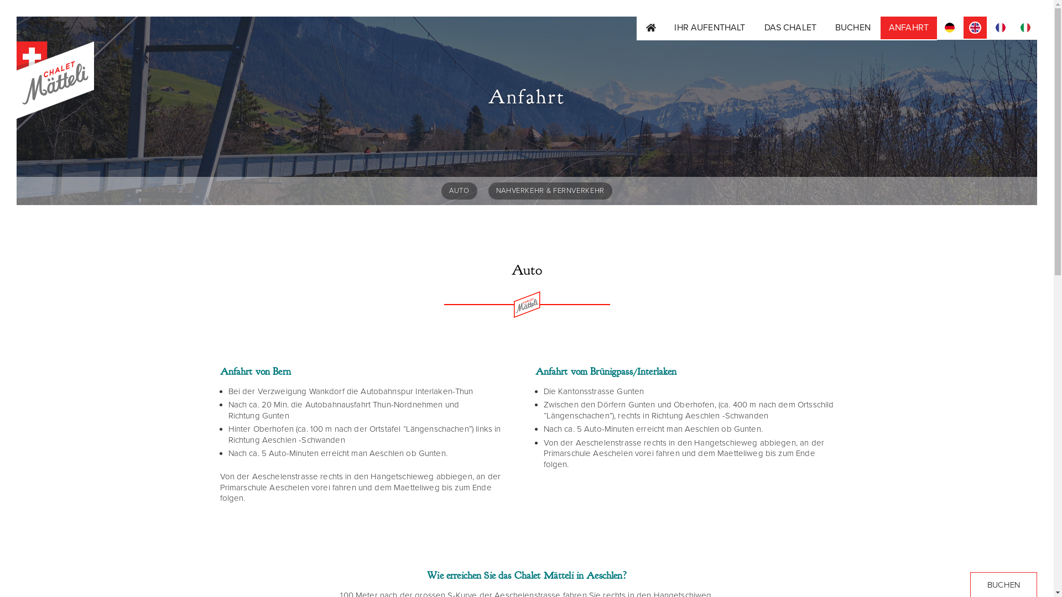 The image size is (1062, 597). Describe the element at coordinates (550, 190) in the screenshot. I see `'NAHVERKEHR & FERNVERKEHR'` at that location.